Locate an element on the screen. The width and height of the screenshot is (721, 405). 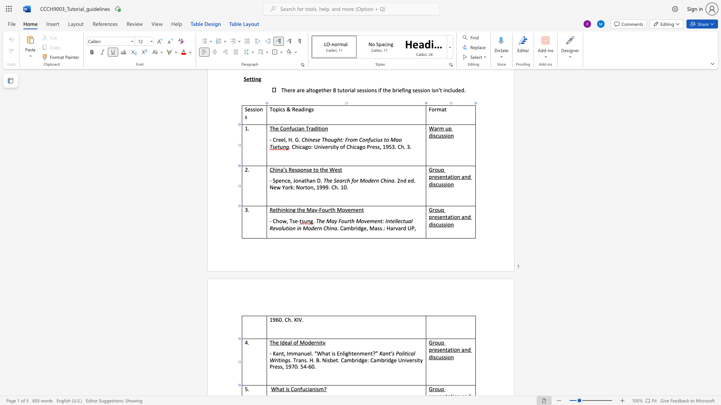
the 1th character "r" in the text is located at coordinates (329, 210).